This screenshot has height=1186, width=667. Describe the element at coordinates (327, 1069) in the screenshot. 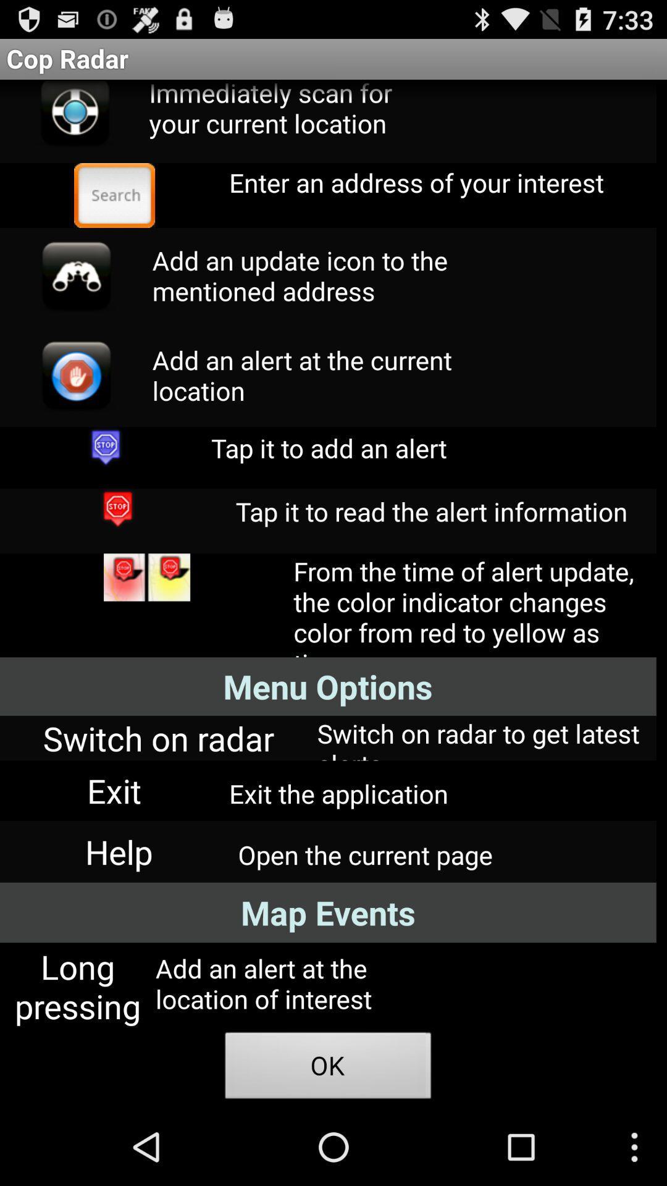

I see `item to the right of the long pressing app` at that location.